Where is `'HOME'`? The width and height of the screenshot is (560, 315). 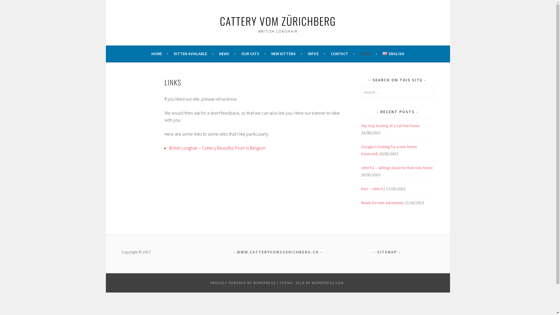 'HOME' is located at coordinates (160, 54).